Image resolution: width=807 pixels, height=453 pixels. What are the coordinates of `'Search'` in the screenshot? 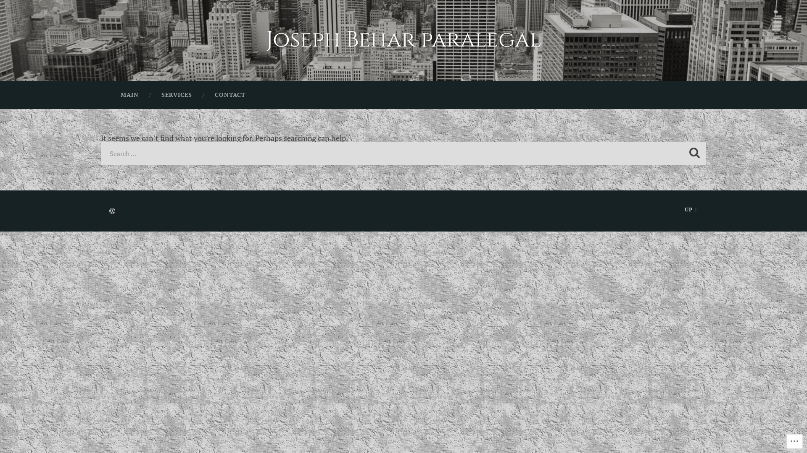 It's located at (694, 154).